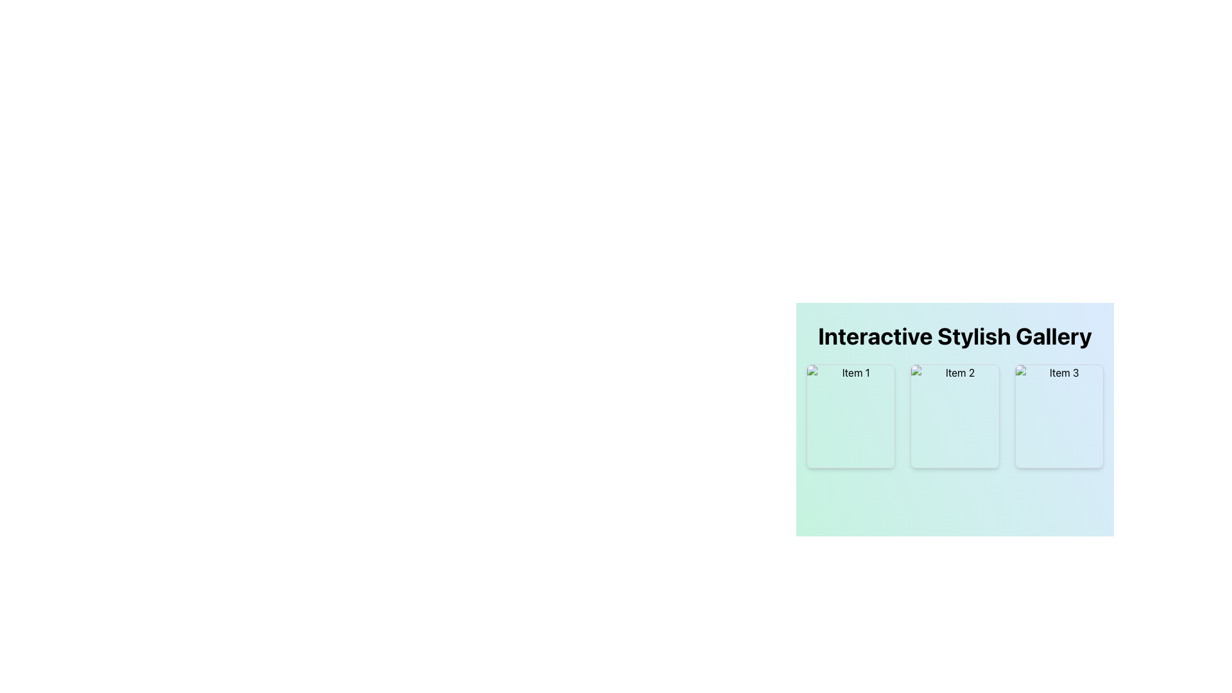 The height and width of the screenshot is (693, 1232). Describe the element at coordinates (1059, 416) in the screenshot. I see `the circular '+' button located in the third card of the gallery labeled 'Item 3'` at that location.